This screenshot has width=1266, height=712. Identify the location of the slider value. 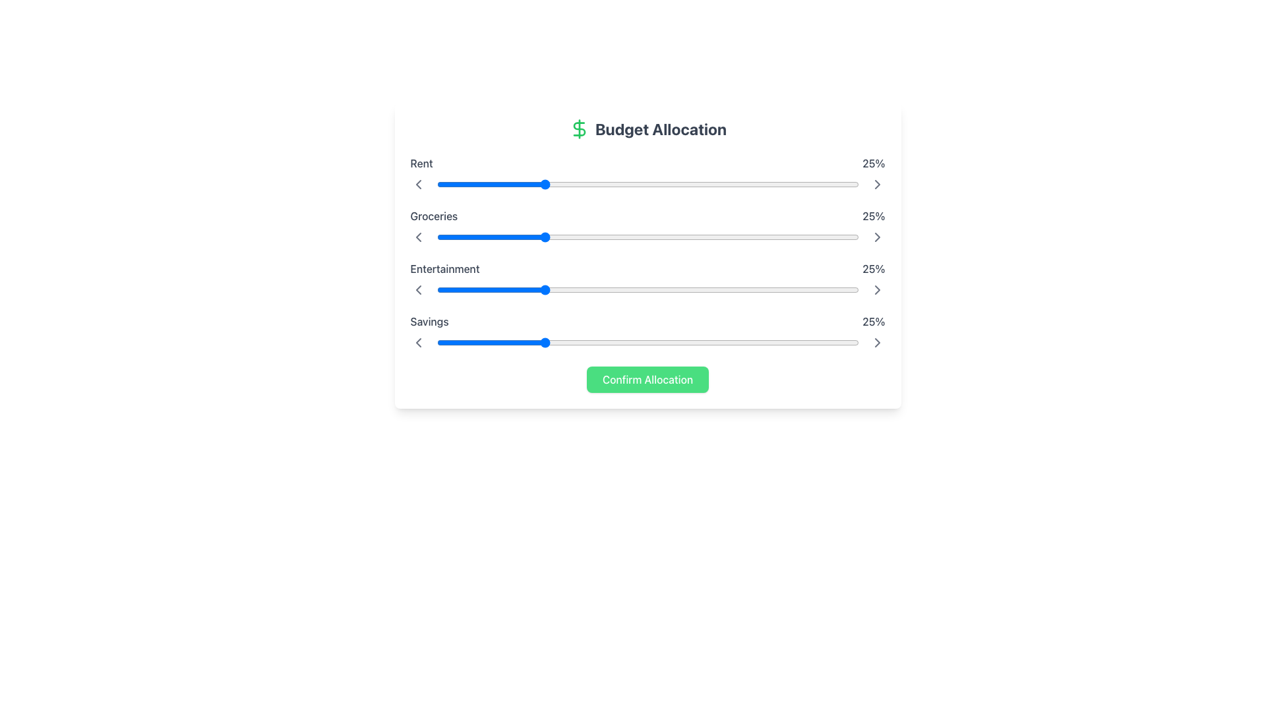
(516, 289).